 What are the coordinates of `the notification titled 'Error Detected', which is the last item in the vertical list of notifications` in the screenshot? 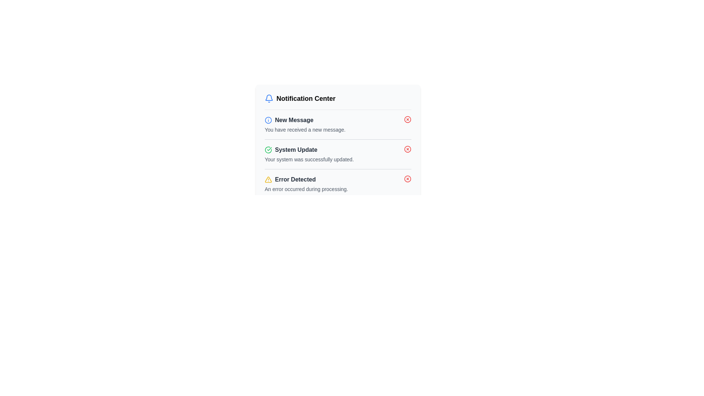 It's located at (337, 183).